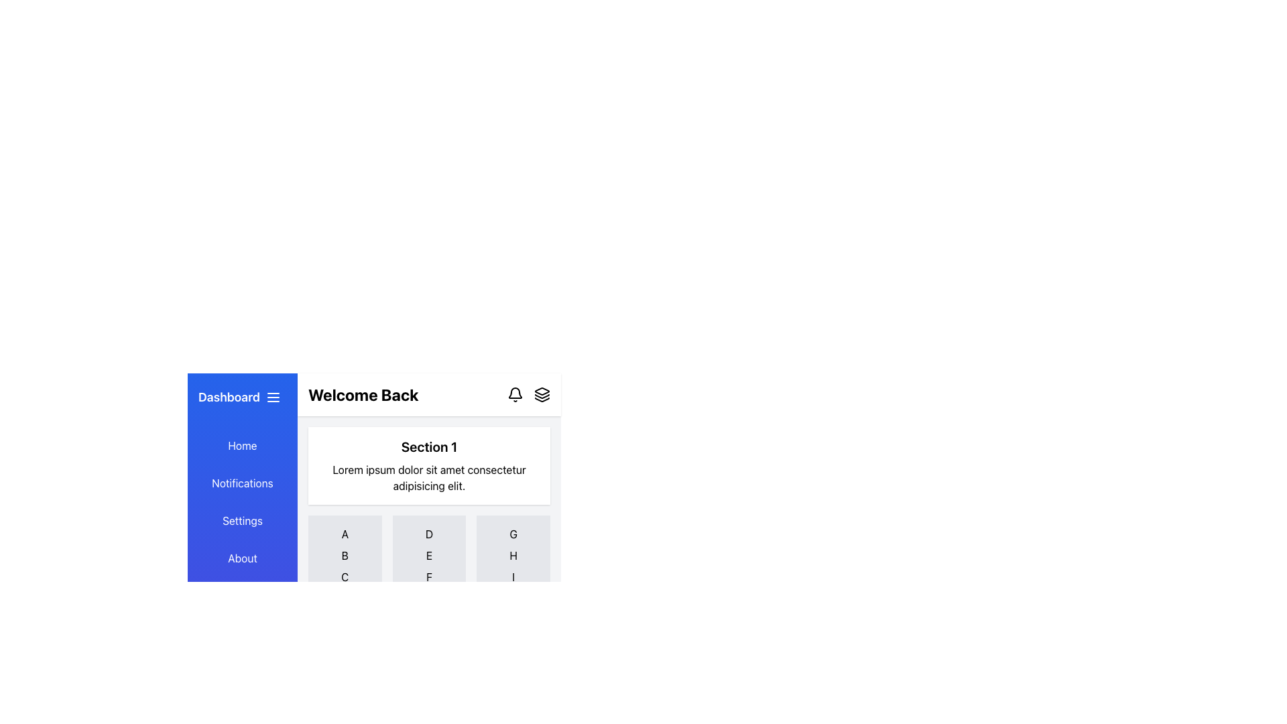  What do you see at coordinates (345, 576) in the screenshot?
I see `the text label displaying the character 'C' for accessibility purposes` at bounding box center [345, 576].